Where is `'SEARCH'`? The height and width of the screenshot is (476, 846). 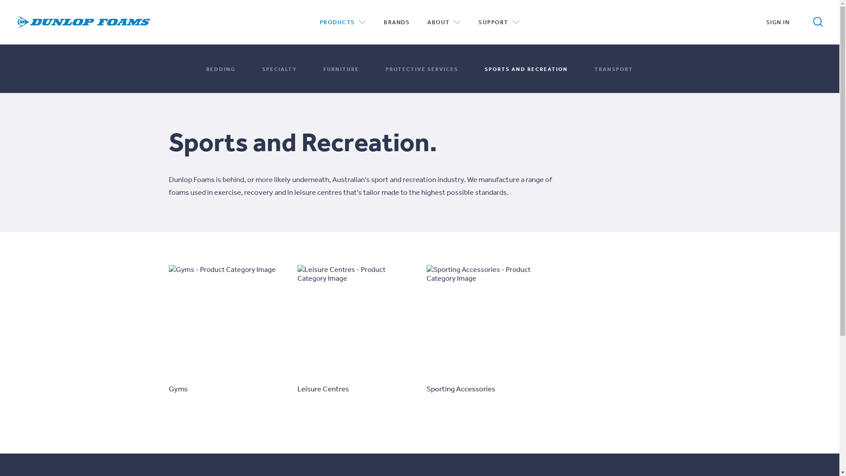
'SEARCH' is located at coordinates (787, 20).